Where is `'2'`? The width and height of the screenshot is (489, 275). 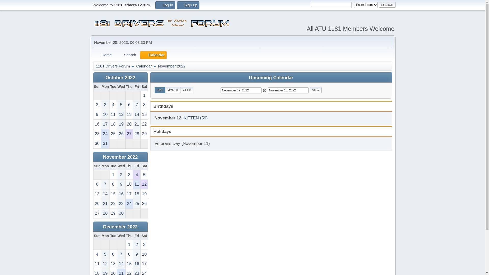
'2' is located at coordinates (121, 175).